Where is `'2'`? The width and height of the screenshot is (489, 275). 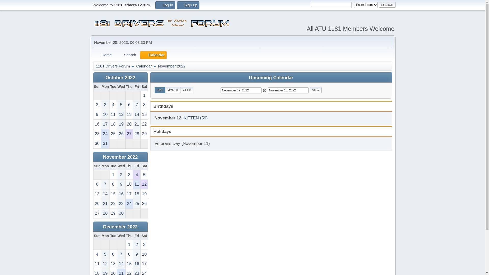
'2' is located at coordinates (121, 175).